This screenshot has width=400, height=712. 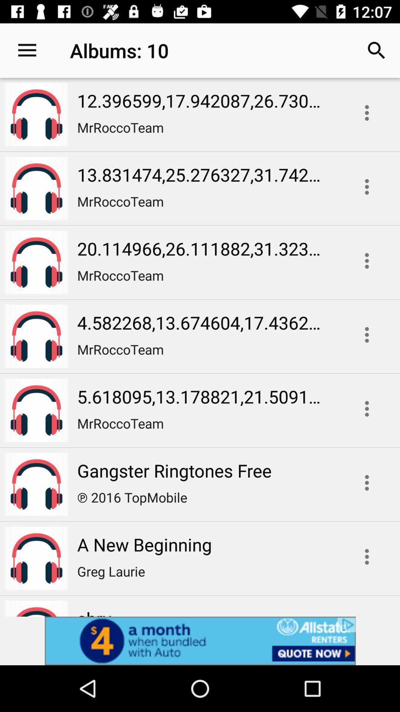 I want to click on important to know, so click(x=367, y=557).